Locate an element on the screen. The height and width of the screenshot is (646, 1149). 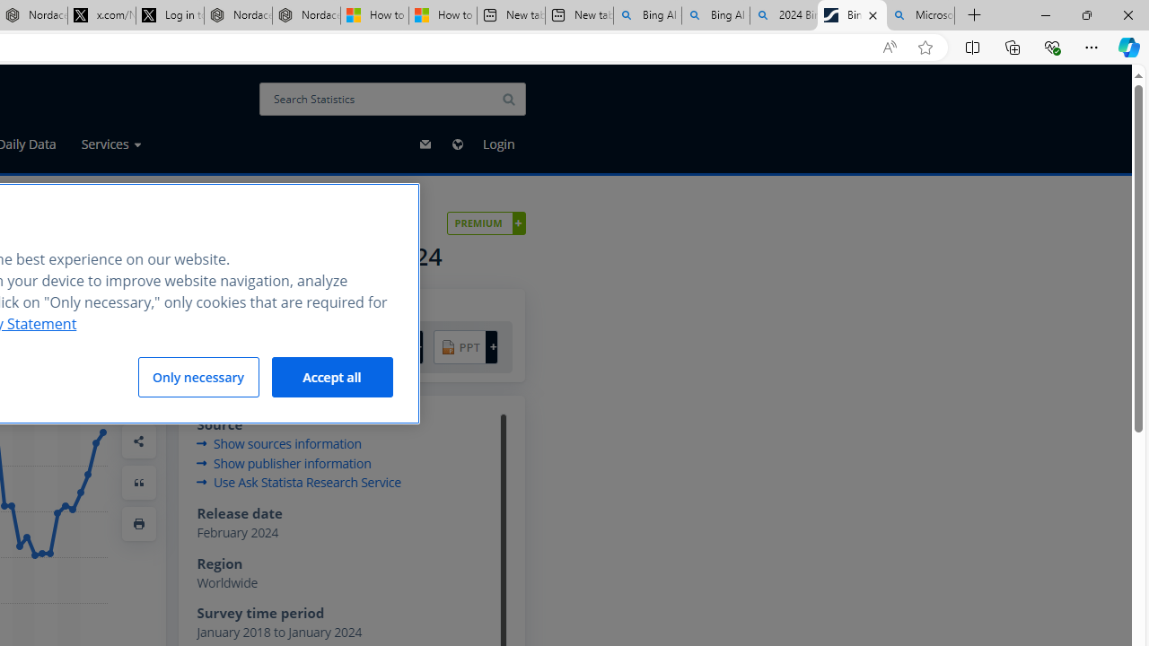
'PPT +' is located at coordinates (466, 347).